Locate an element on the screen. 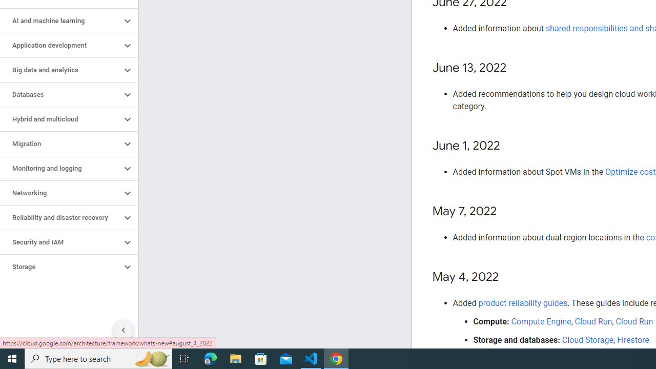  'Reliability and disaster recovery' is located at coordinates (60, 217).